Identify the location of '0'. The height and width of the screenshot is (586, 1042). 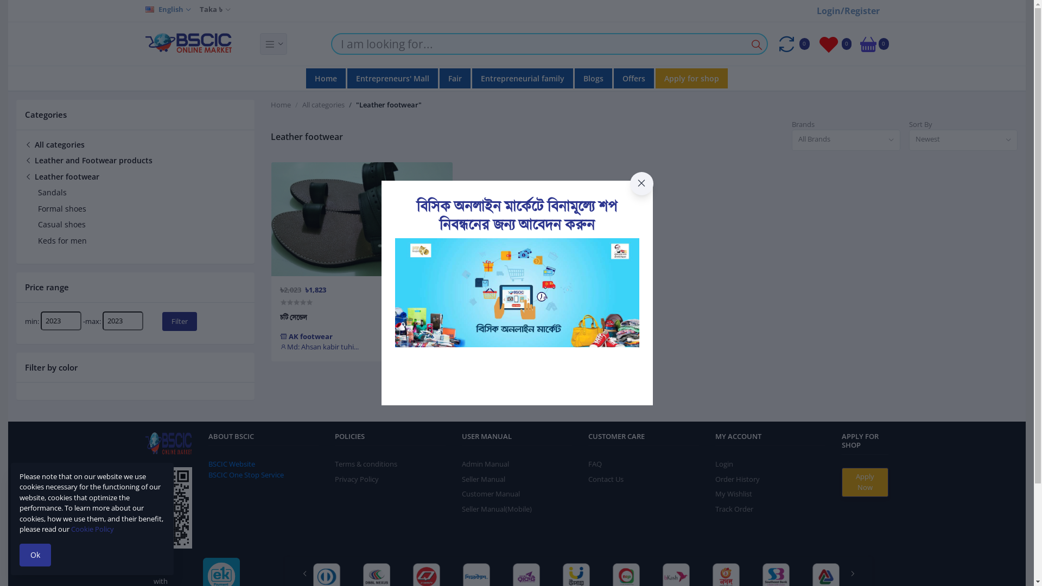
(834, 43).